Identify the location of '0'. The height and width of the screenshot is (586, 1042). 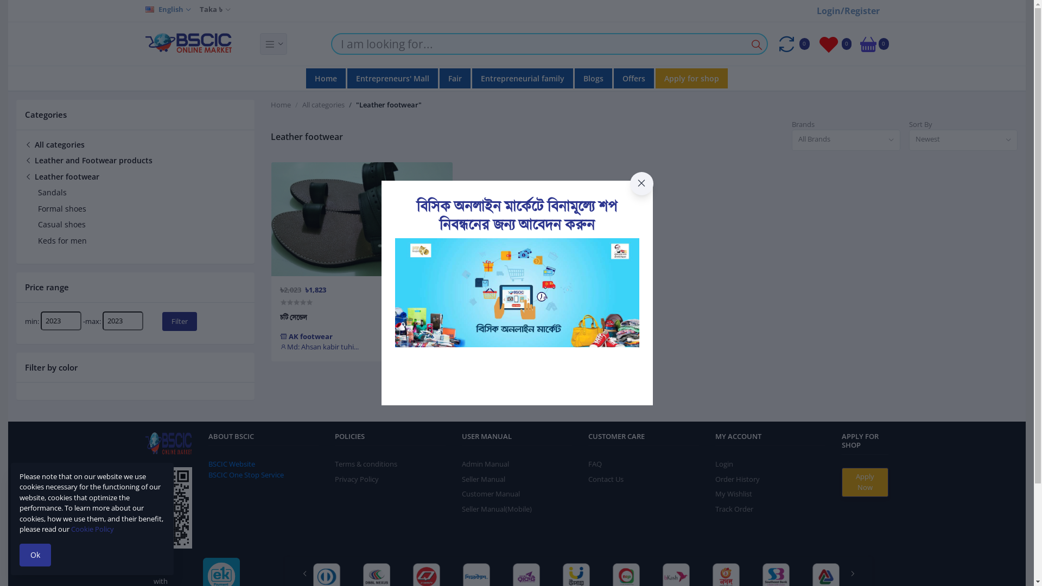
(834, 43).